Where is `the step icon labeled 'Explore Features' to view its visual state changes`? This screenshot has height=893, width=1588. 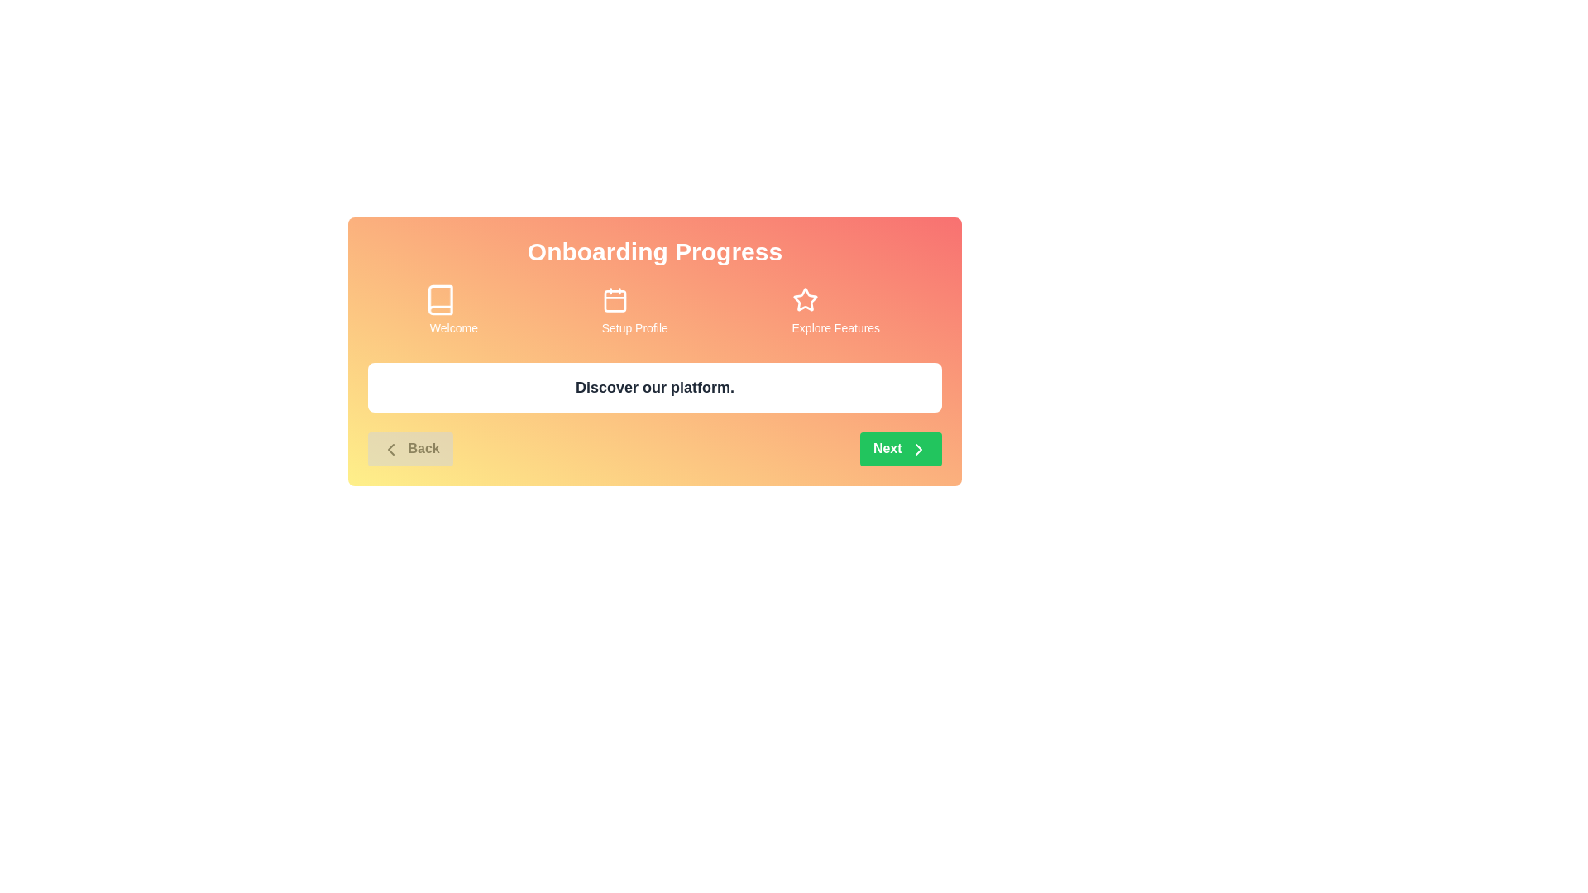 the step icon labeled 'Explore Features' to view its visual state changes is located at coordinates (835, 299).